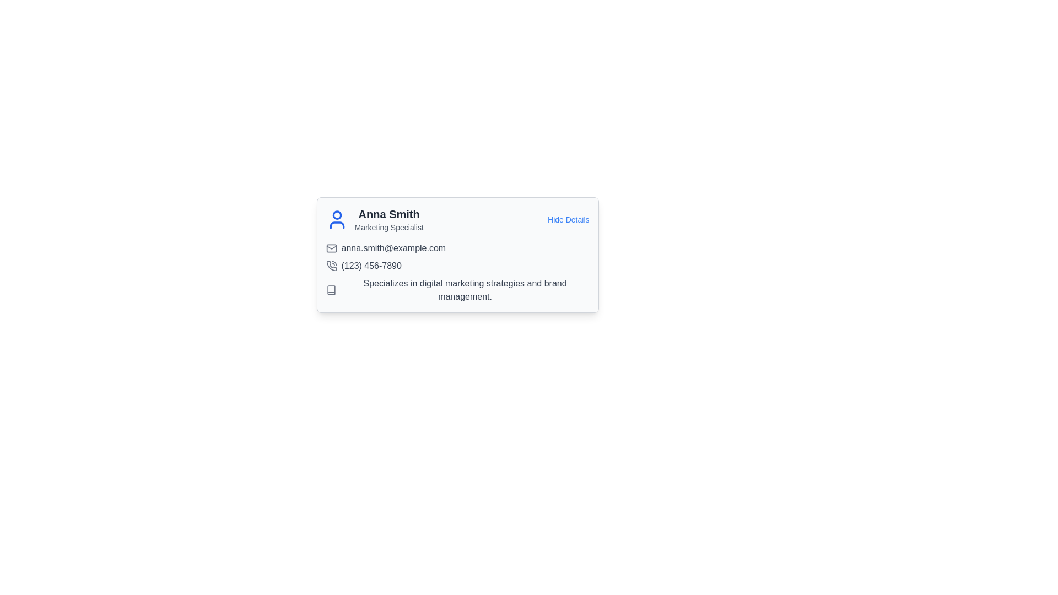  I want to click on the stylized phone icon with a radiating signal, which is positioned to the left of the phone number '(123) 456-7890', so click(331, 266).